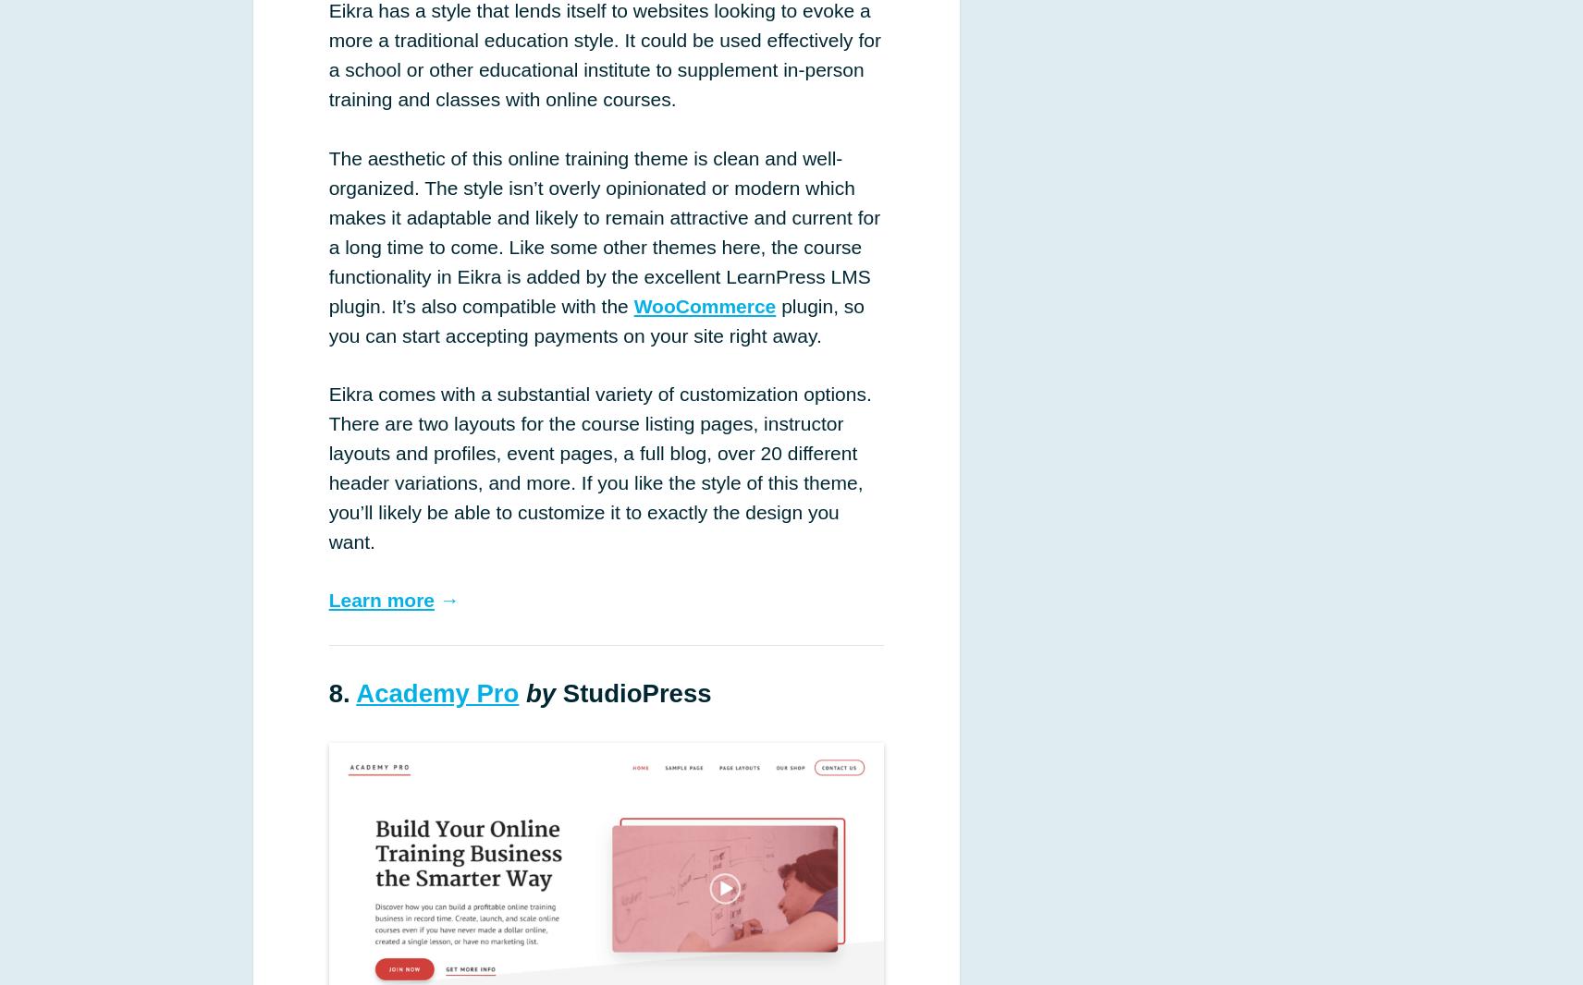 This screenshot has width=1583, height=985. I want to click on 'Academy Pro', so click(436, 692).